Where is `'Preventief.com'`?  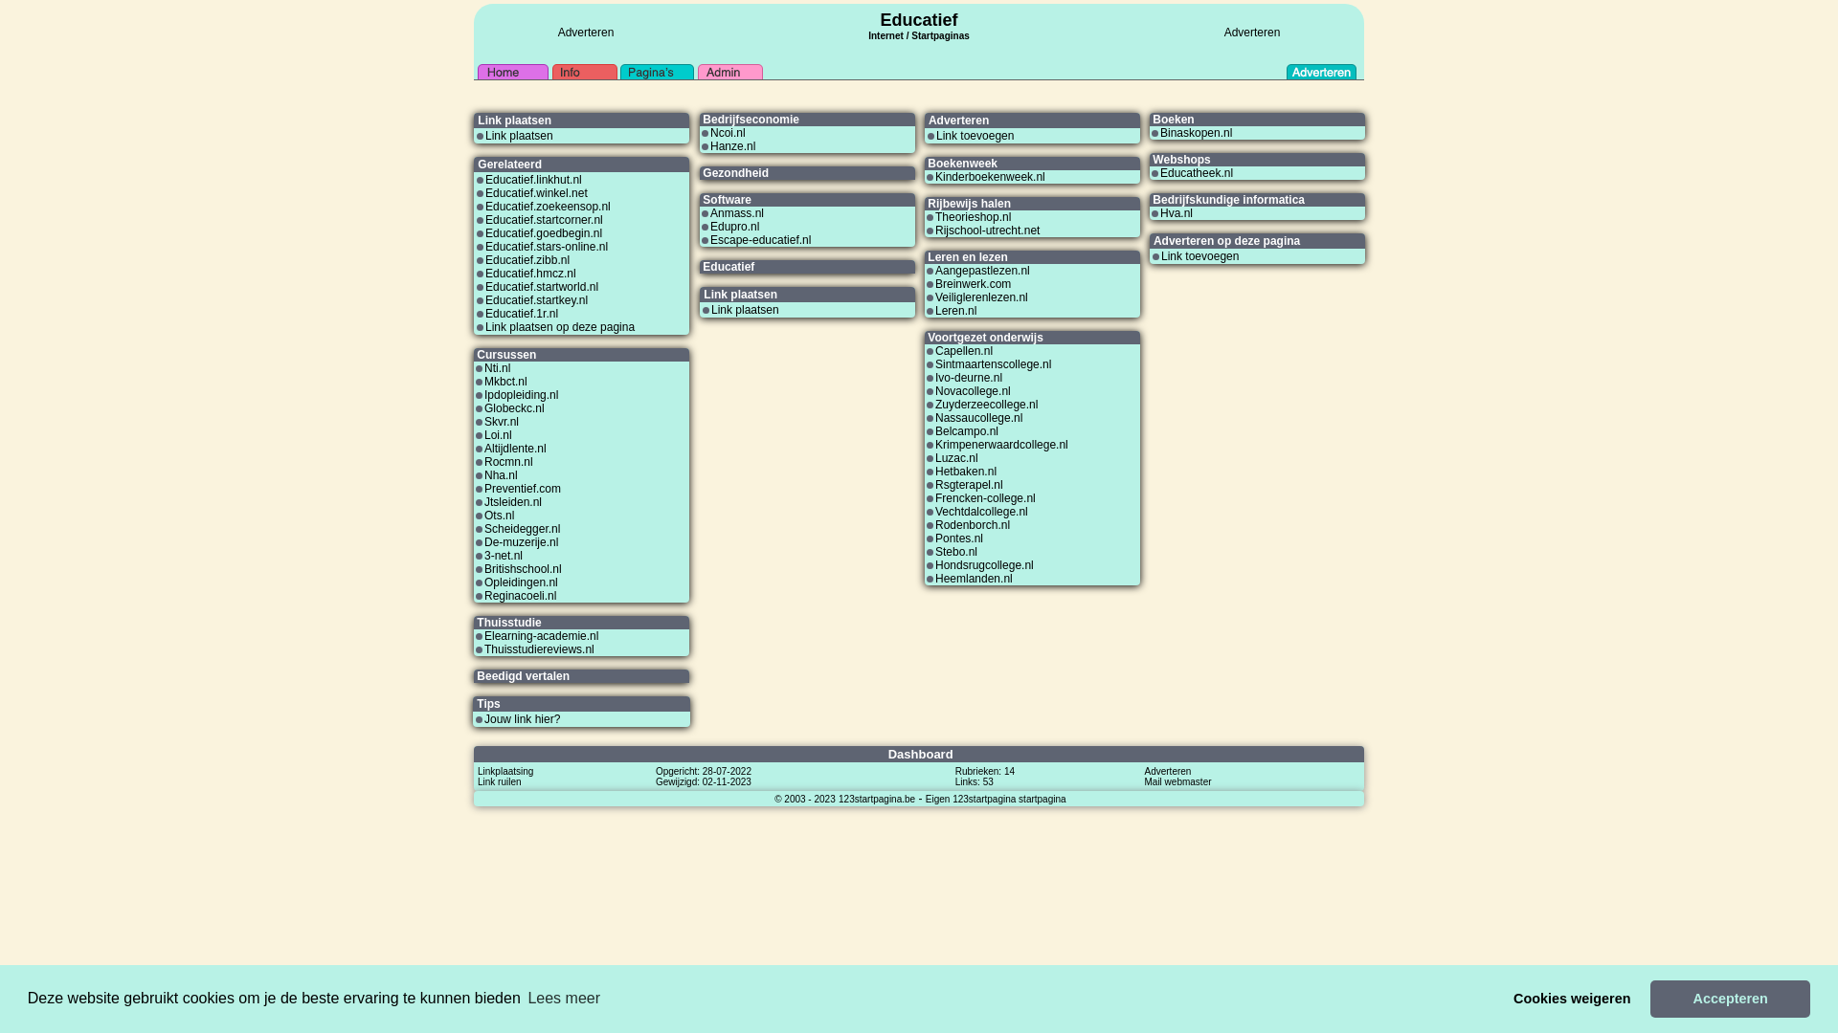 'Preventief.com' is located at coordinates (483, 487).